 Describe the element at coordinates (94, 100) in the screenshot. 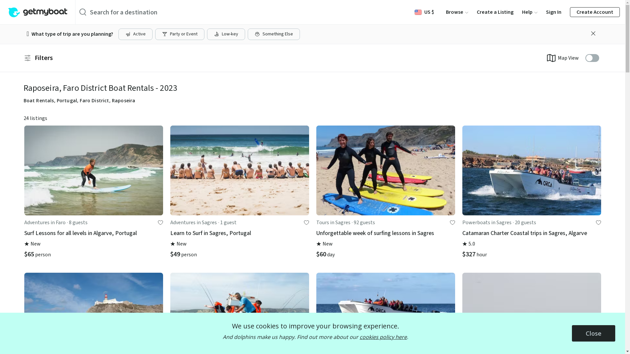

I see `'Faro District'` at that location.